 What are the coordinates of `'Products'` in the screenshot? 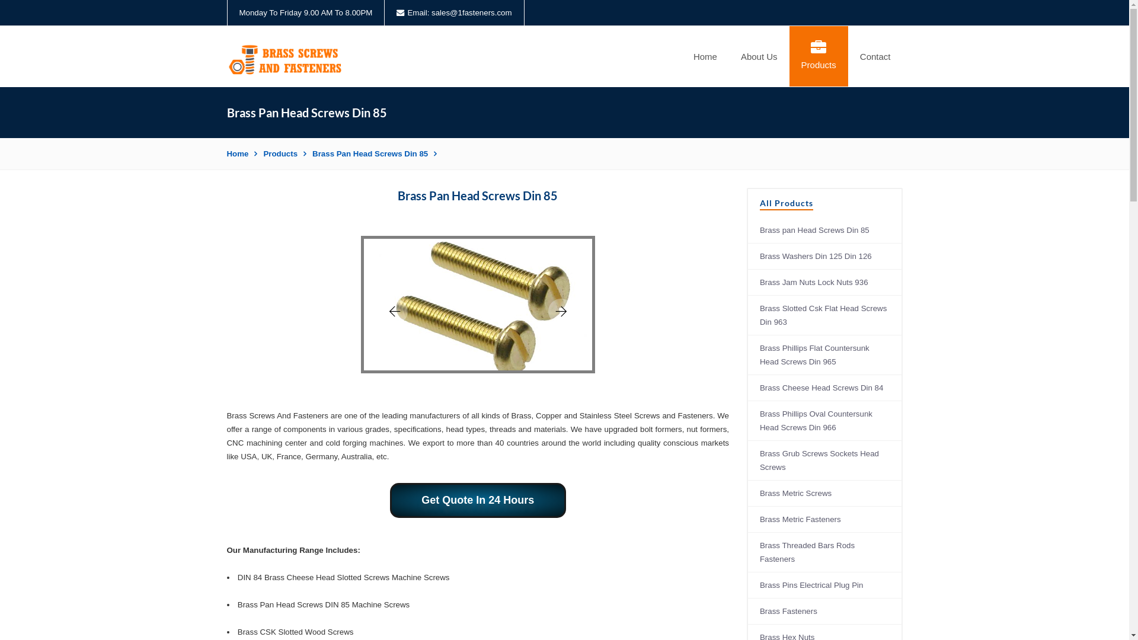 It's located at (284, 153).